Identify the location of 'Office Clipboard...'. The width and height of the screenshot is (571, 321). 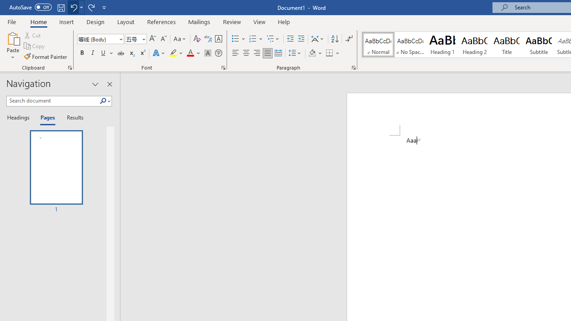
(69, 67).